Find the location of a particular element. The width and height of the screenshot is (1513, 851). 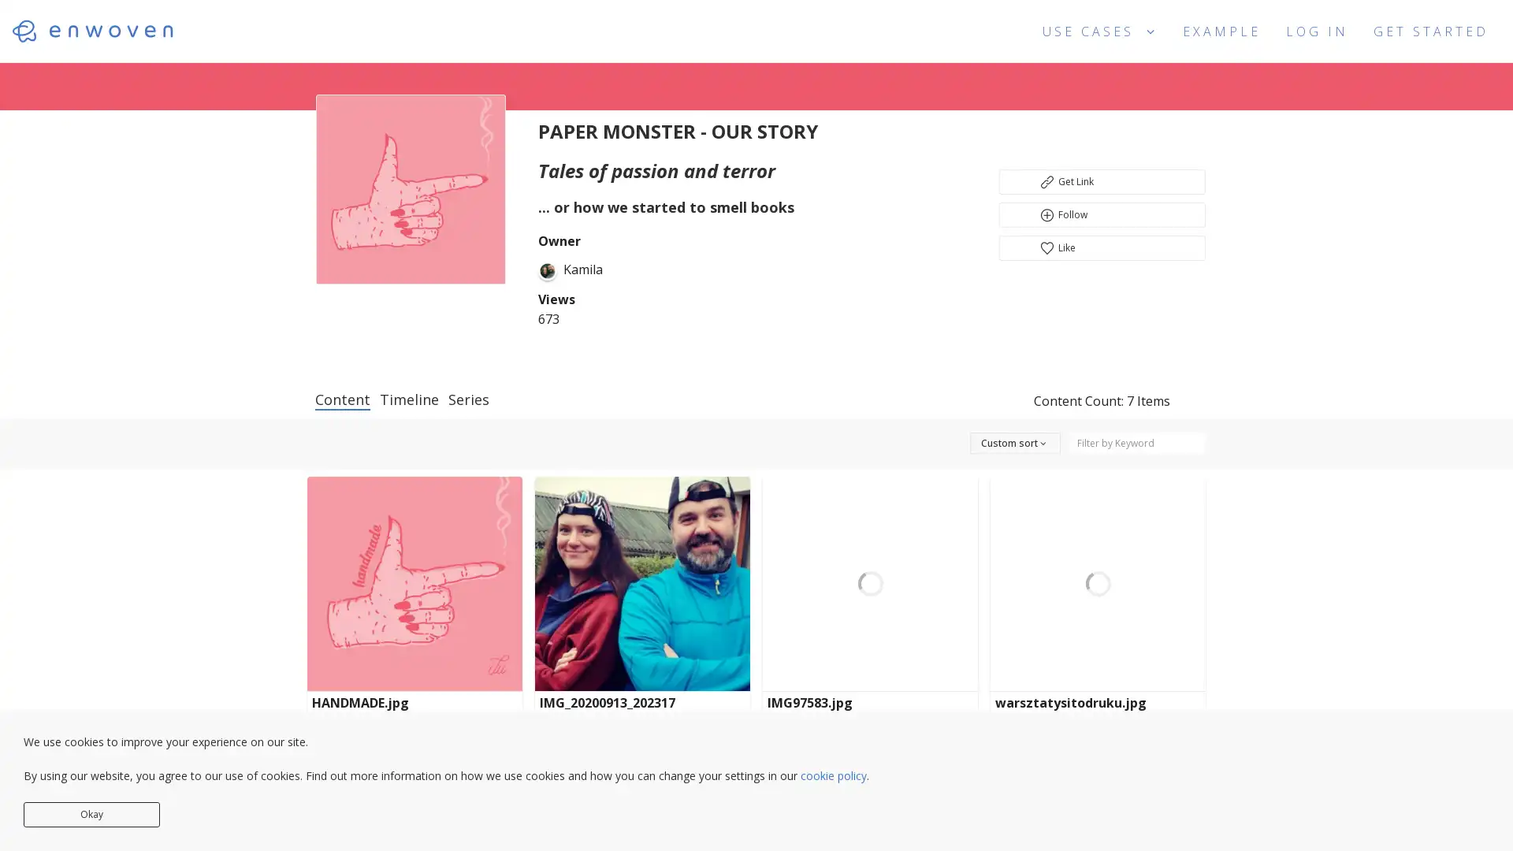

Edit is located at coordinates (642, 749).